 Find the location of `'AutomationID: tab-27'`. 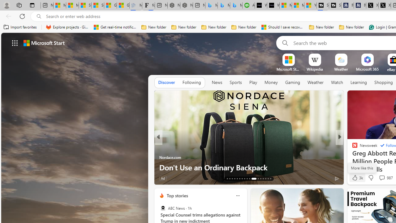

'AutomationID: tab-27' is located at coordinates (265, 179).